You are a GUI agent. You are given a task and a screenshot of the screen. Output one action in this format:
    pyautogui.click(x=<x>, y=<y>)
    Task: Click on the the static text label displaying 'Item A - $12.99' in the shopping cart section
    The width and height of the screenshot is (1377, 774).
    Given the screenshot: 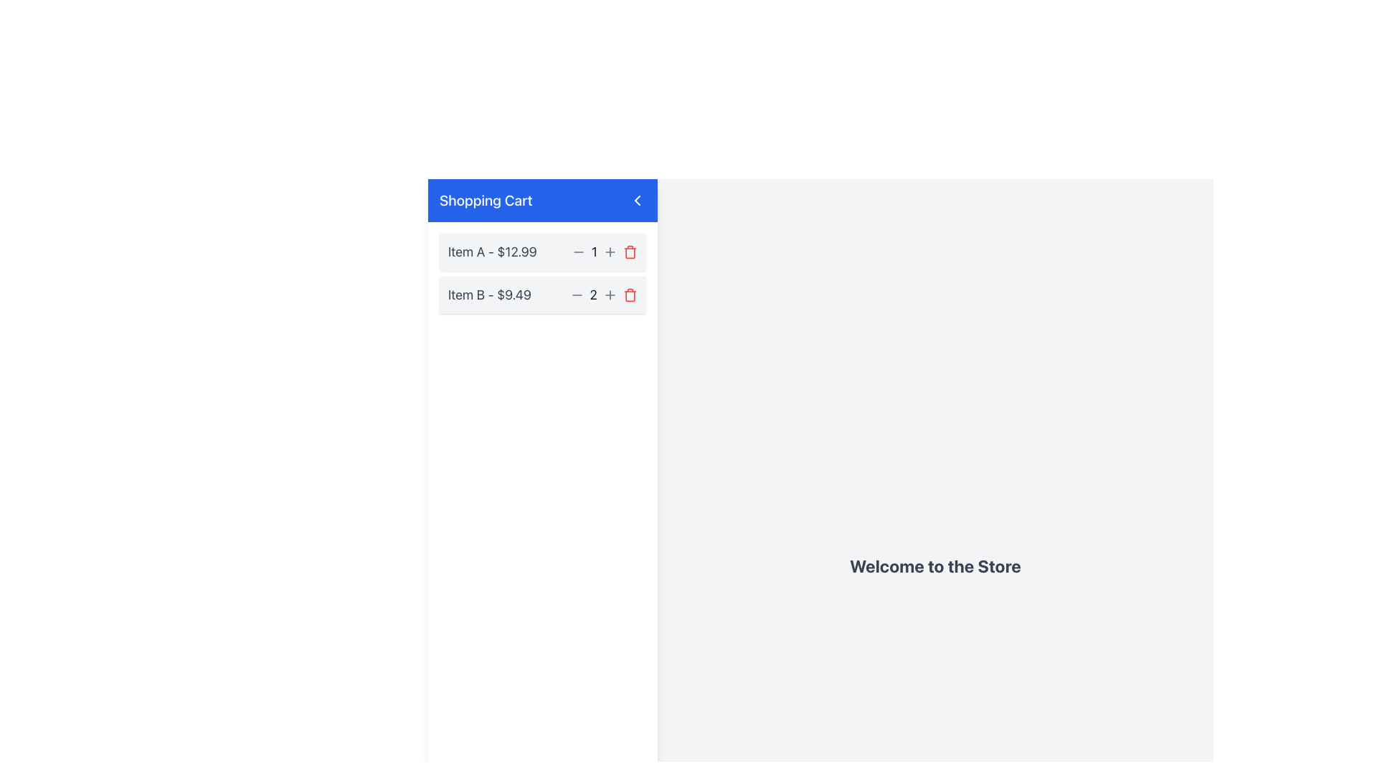 What is the action you would take?
    pyautogui.click(x=492, y=251)
    